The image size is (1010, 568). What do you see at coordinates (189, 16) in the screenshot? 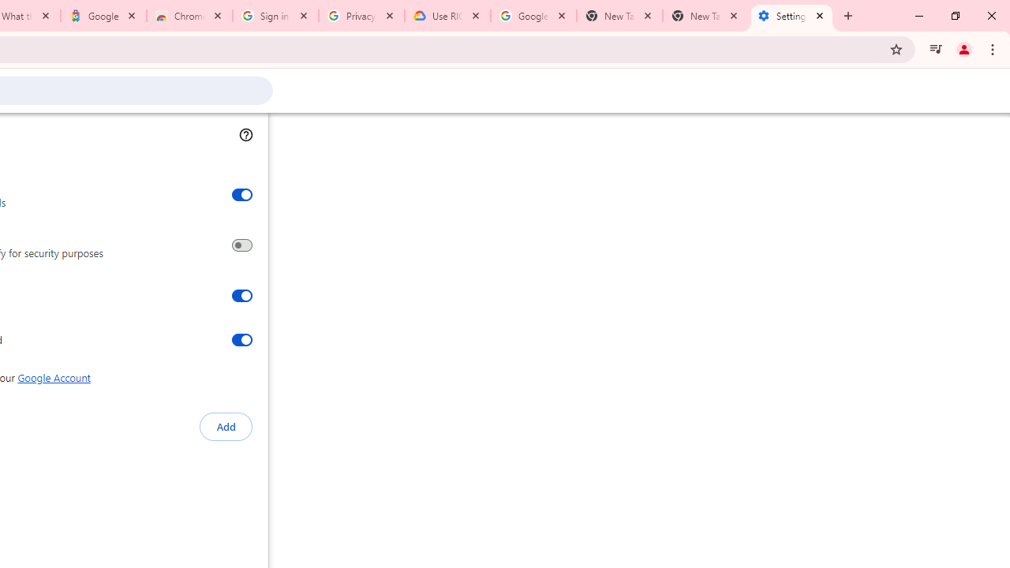
I see `'Chrome Web Store - Color themes by Chrome'` at bounding box center [189, 16].